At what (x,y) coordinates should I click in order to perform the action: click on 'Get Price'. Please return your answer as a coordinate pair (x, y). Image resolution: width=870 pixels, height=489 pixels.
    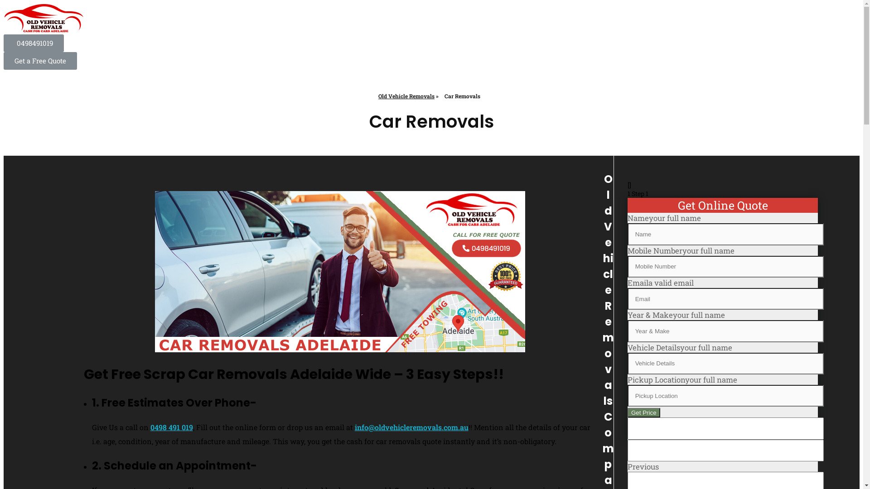
    Looking at the image, I should click on (643, 412).